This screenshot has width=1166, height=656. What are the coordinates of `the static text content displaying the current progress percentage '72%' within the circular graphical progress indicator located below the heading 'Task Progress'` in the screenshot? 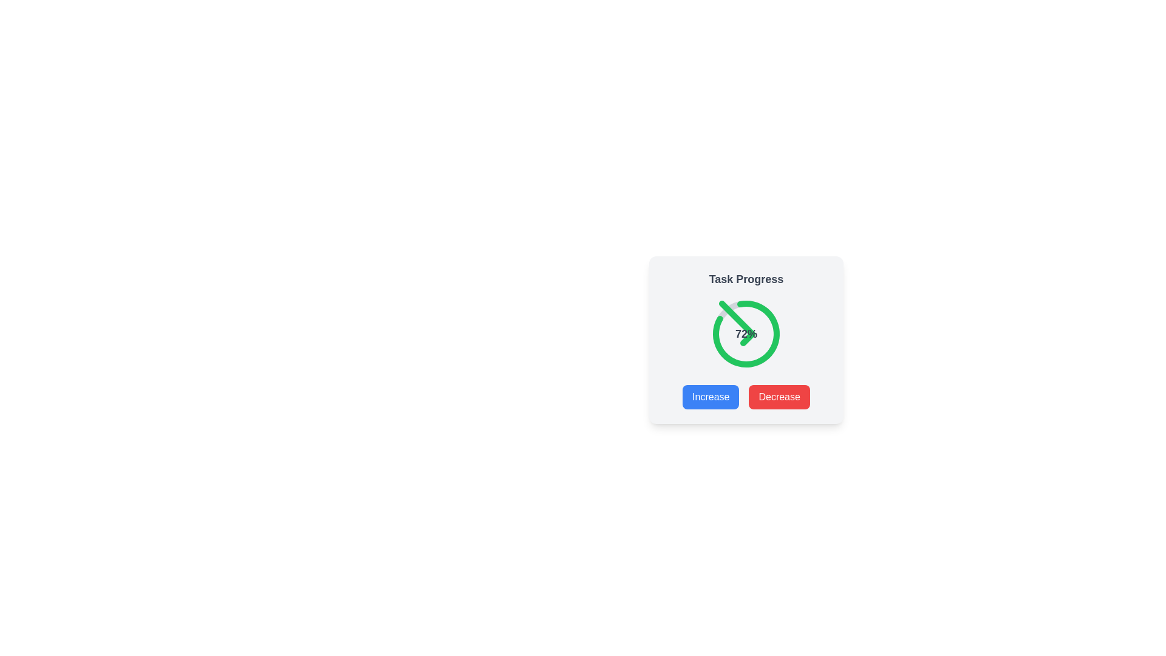 It's located at (745, 334).